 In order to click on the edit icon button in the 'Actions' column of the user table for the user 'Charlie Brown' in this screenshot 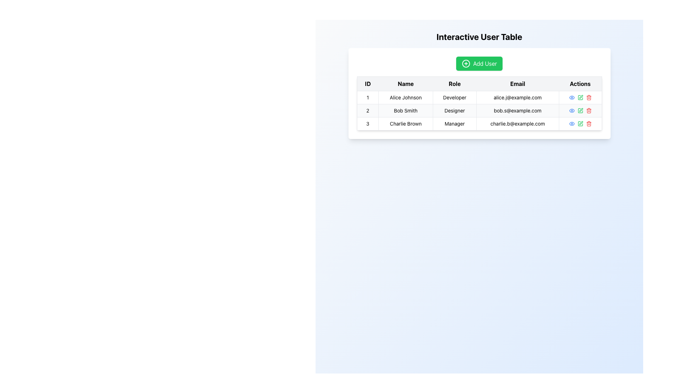, I will do `click(581, 122)`.